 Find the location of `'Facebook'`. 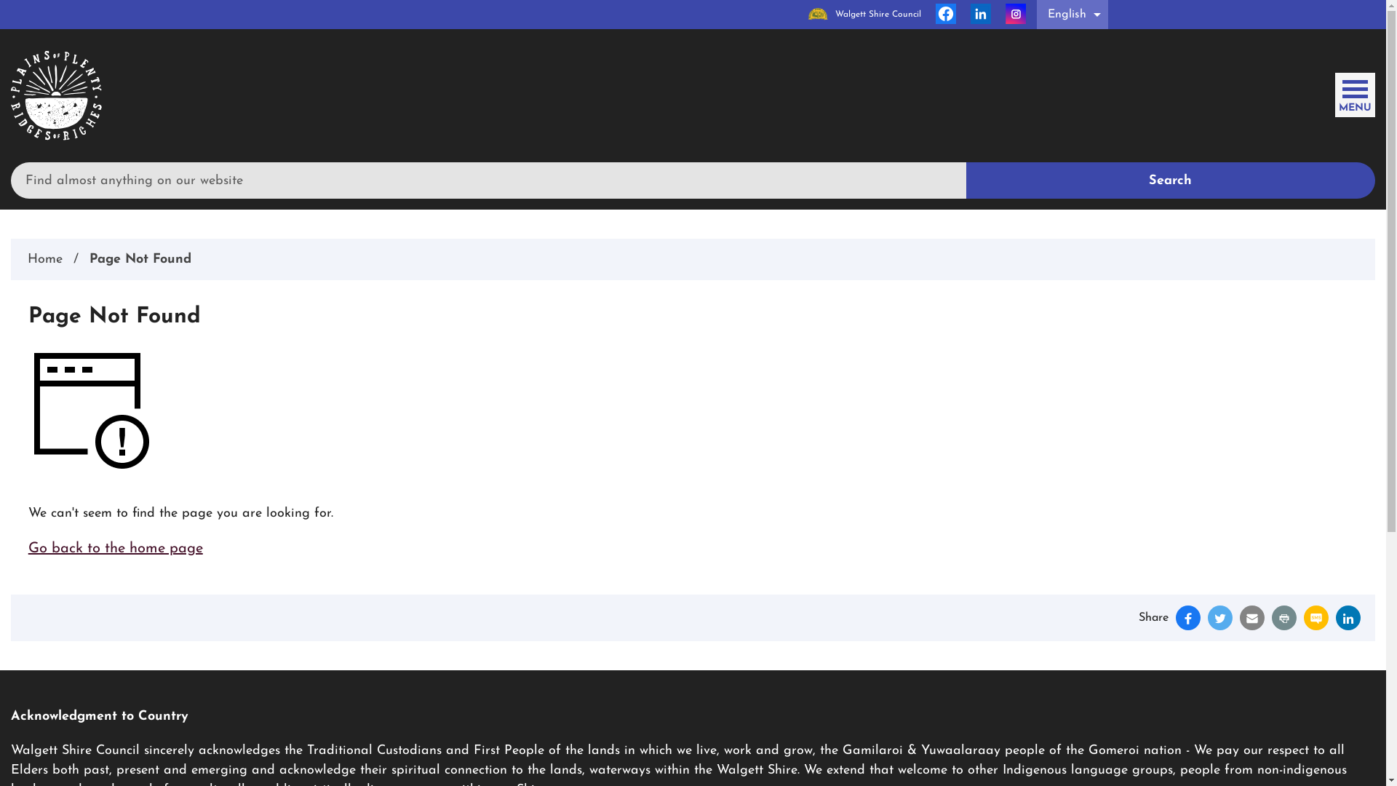

'Facebook' is located at coordinates (946, 14).